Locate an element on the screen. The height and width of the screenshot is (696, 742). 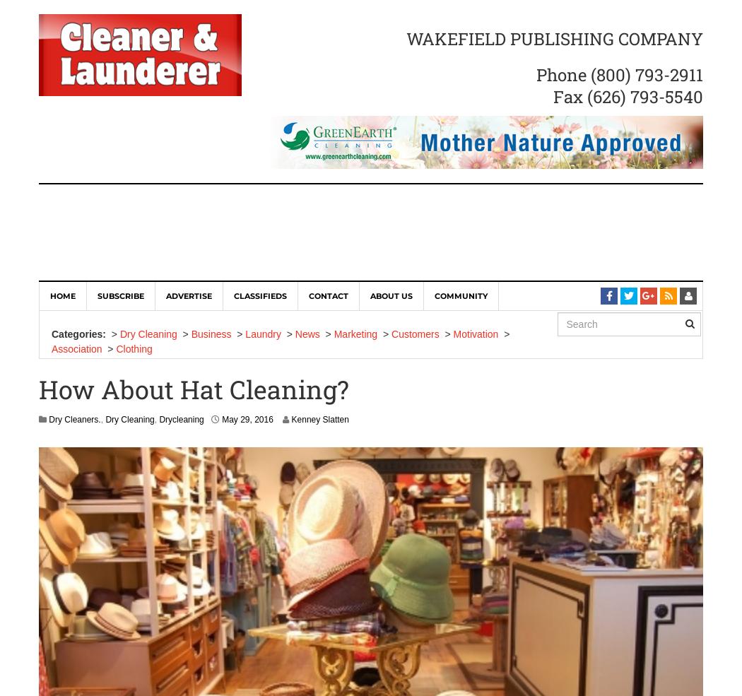
'How About Hat Cleaning?' is located at coordinates (193, 389).